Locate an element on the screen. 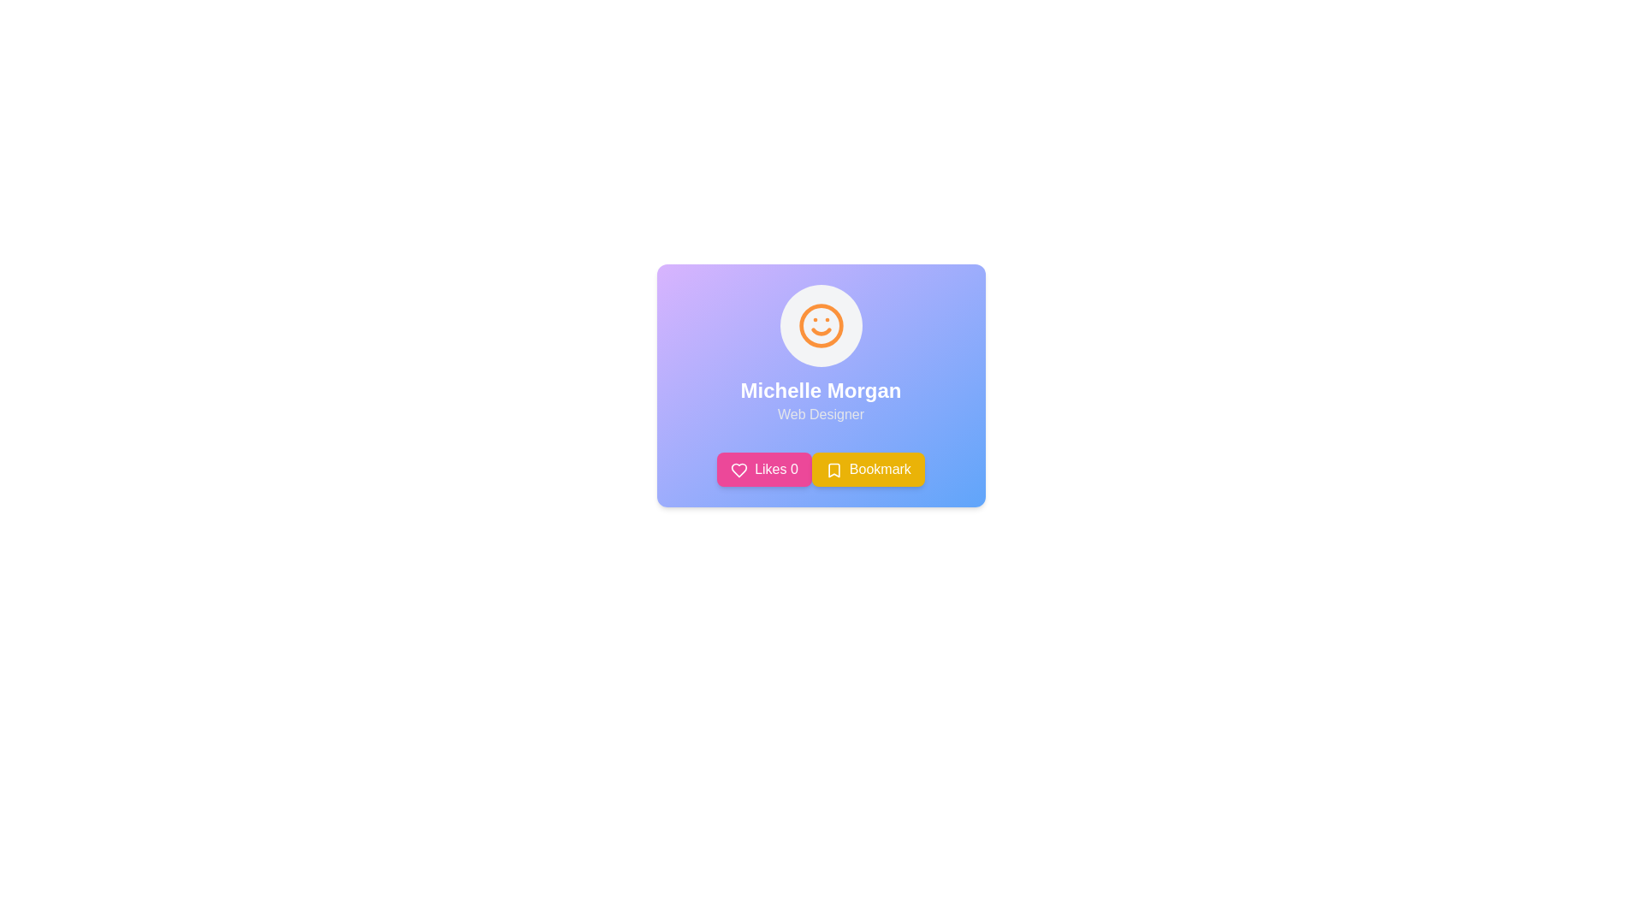 This screenshot has height=924, width=1643. the smiley icon in the user profile card, which is centered within a gray circular background, located above the name 'Michelle Morgan' and the role 'Web Designer' is located at coordinates (820, 326).